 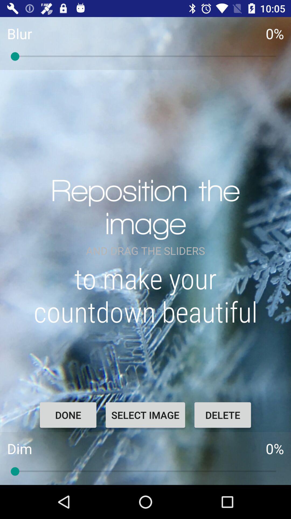 What do you see at coordinates (145, 415) in the screenshot?
I see `select image` at bounding box center [145, 415].